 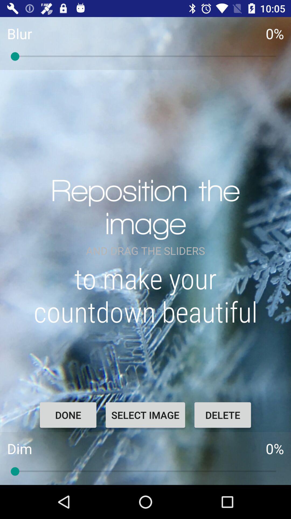 What do you see at coordinates (145, 415) in the screenshot?
I see `select image` at bounding box center [145, 415].